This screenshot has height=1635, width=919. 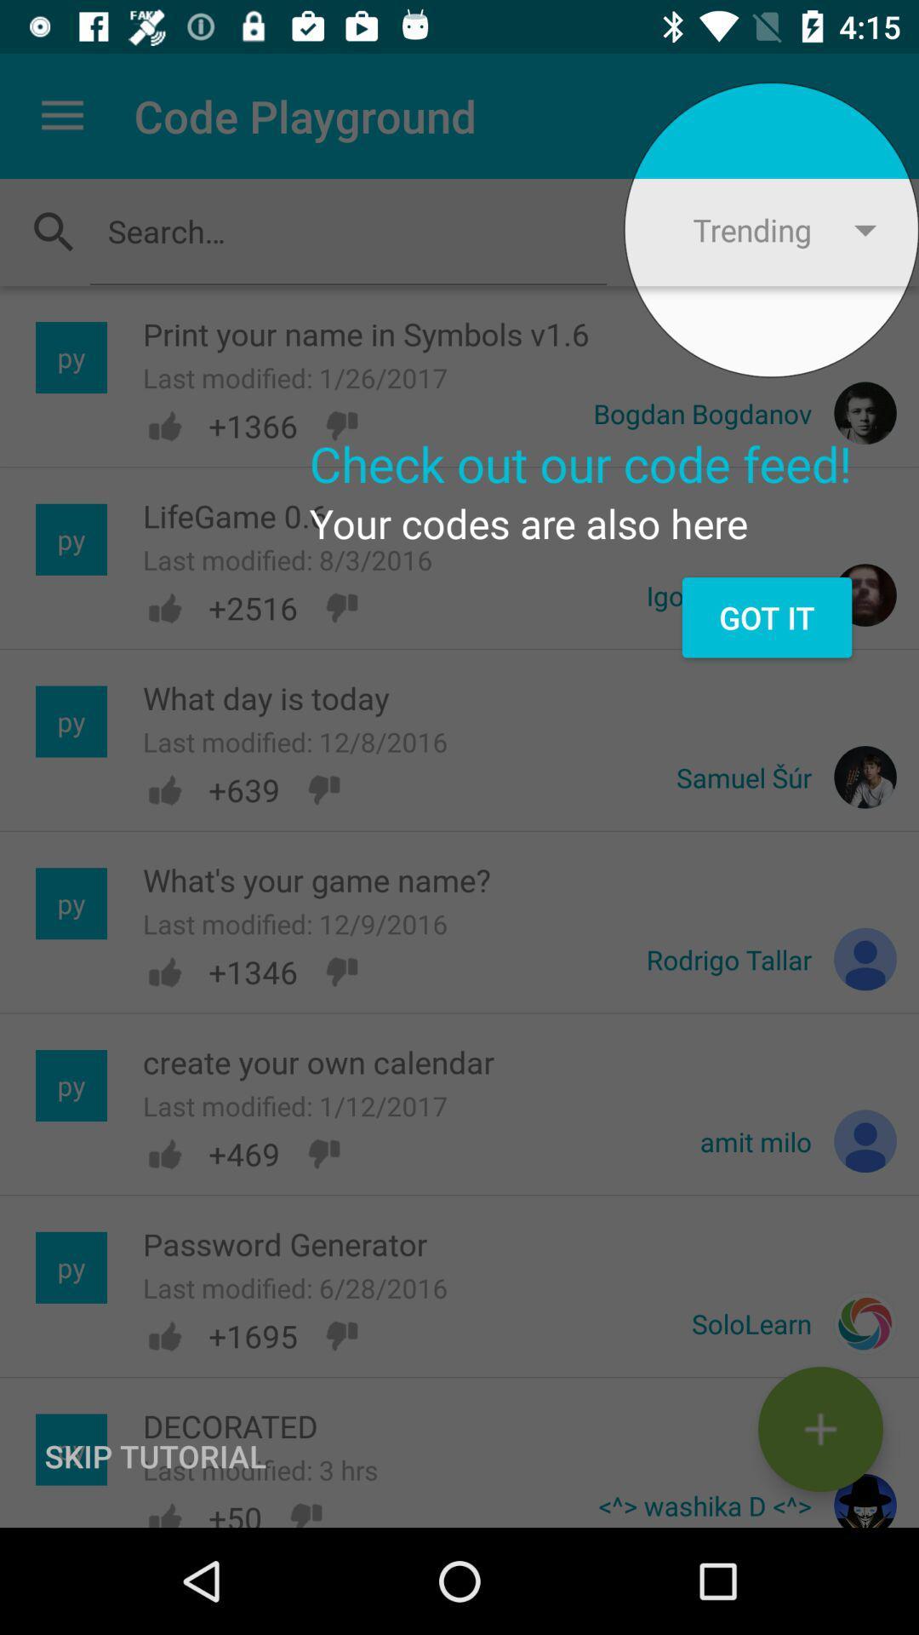 What do you see at coordinates (347, 230) in the screenshot?
I see `click search box` at bounding box center [347, 230].